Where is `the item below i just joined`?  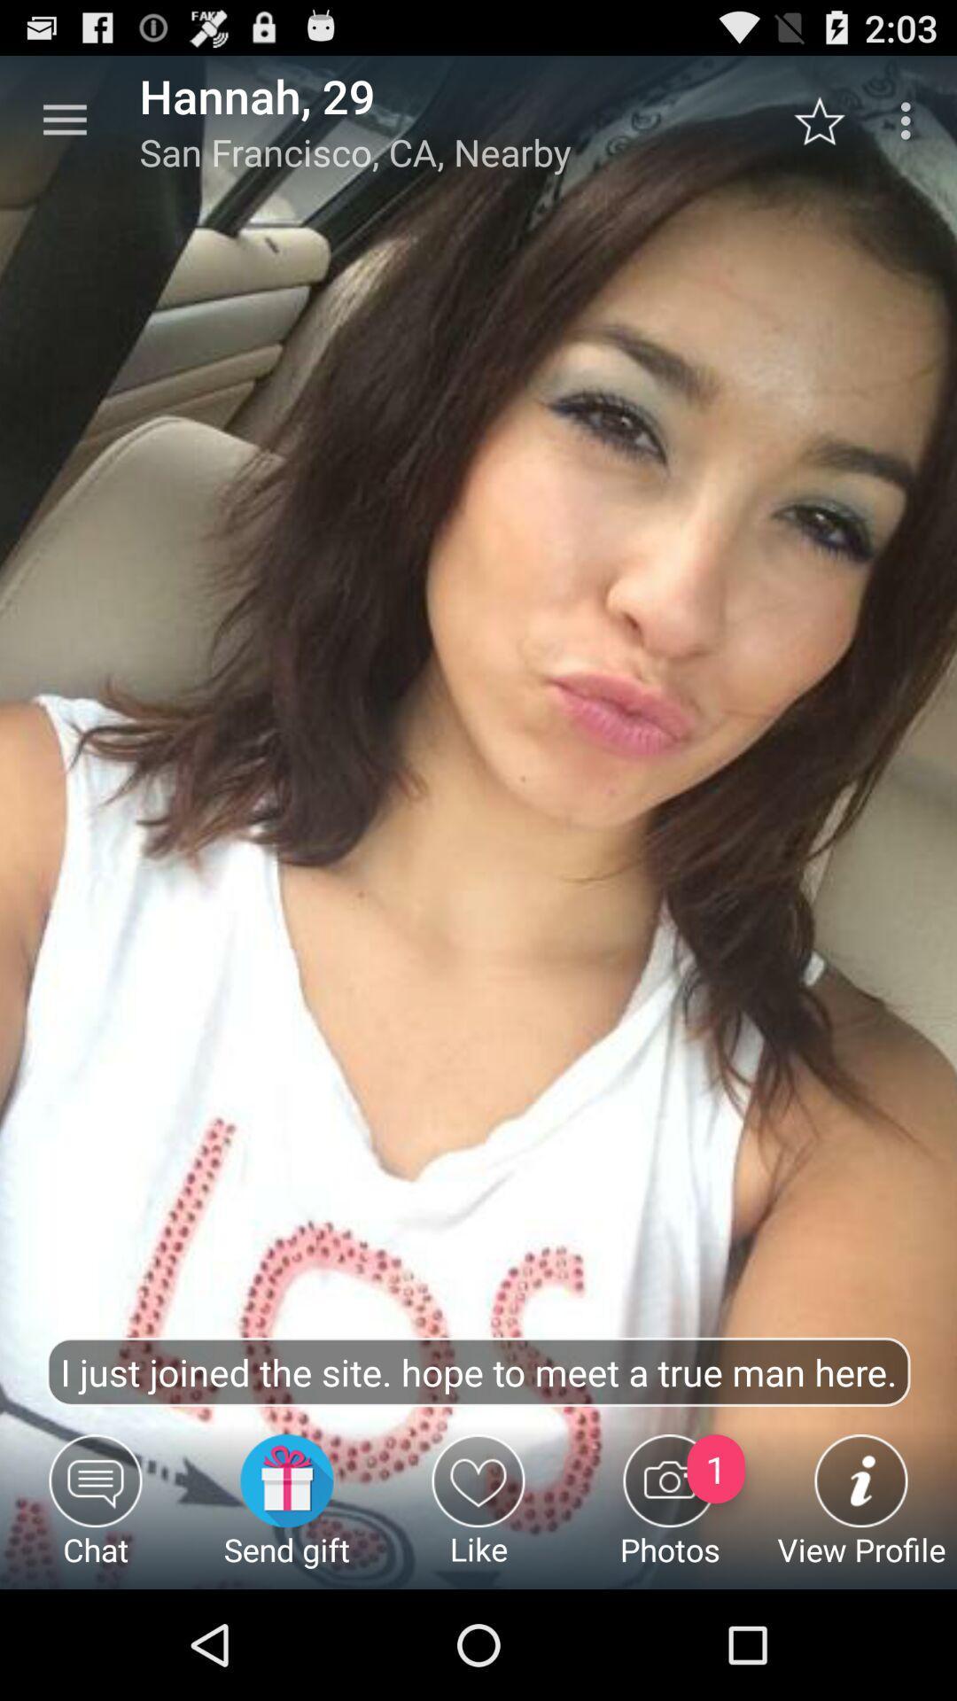
the item below i just joined is located at coordinates (670, 1511).